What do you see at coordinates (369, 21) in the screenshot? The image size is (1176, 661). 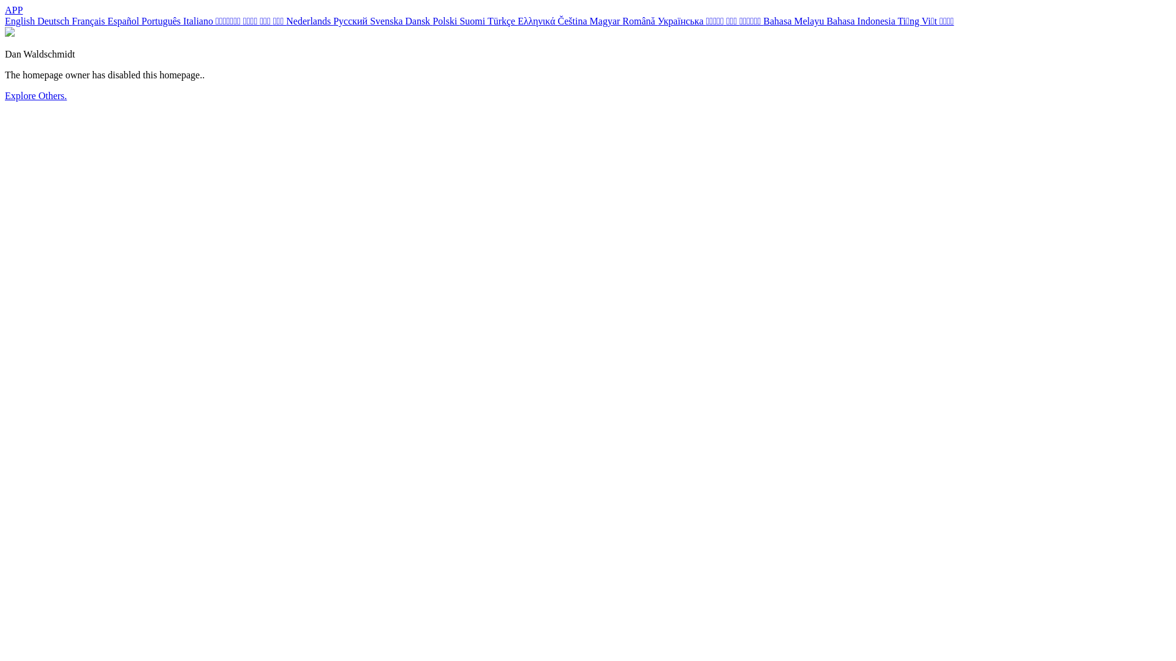 I see `'Svenska'` at bounding box center [369, 21].